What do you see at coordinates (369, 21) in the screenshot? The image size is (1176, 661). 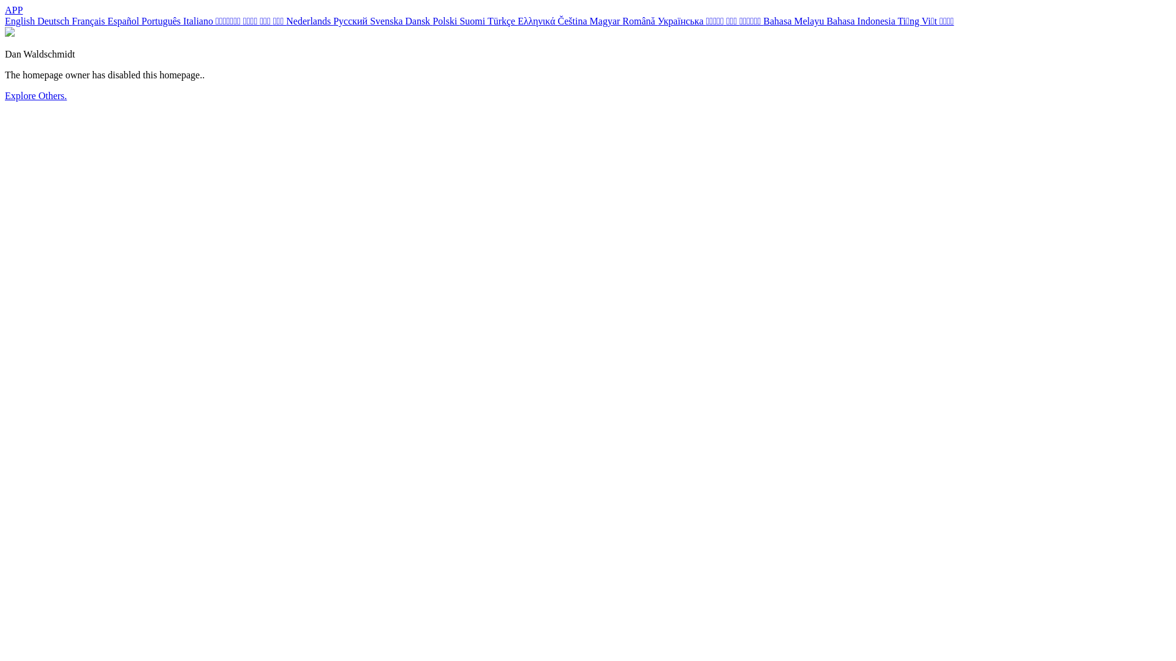 I see `'Svenska'` at bounding box center [369, 21].